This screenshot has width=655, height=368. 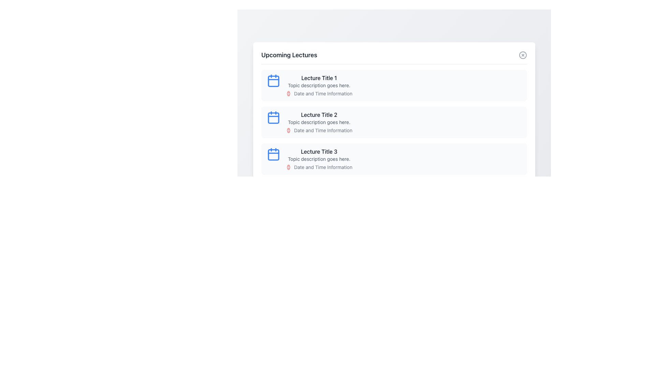 What do you see at coordinates (523, 55) in the screenshot?
I see `the close button located at the far-right end of the title bar of the 'Upcoming Lectures' section` at bounding box center [523, 55].